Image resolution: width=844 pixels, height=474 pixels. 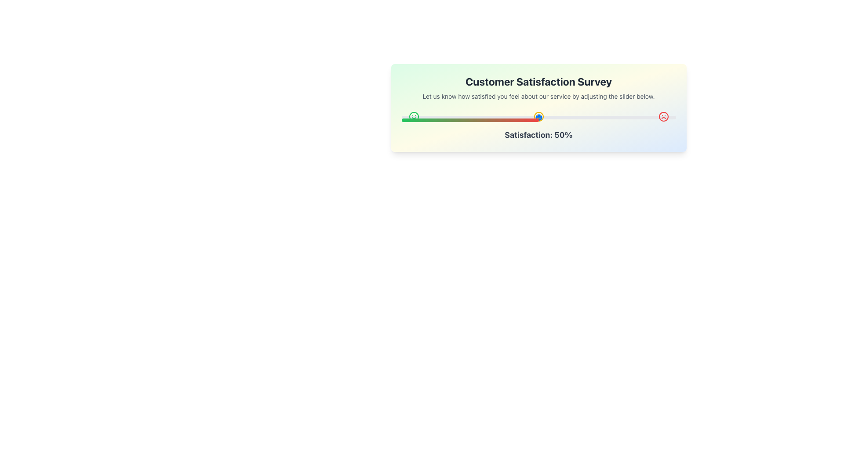 What do you see at coordinates (601, 117) in the screenshot?
I see `customer satisfaction level` at bounding box center [601, 117].